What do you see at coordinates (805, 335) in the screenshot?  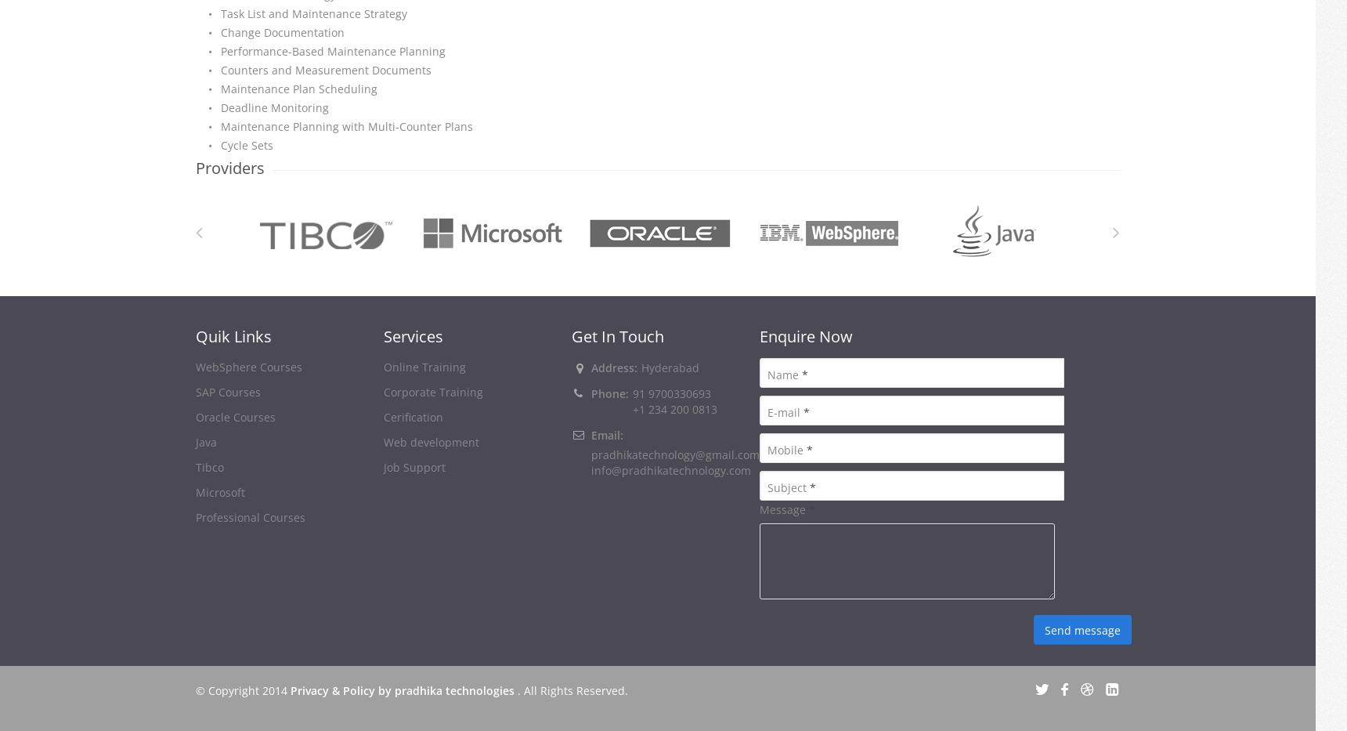 I see `'Enquire Now'` at bounding box center [805, 335].